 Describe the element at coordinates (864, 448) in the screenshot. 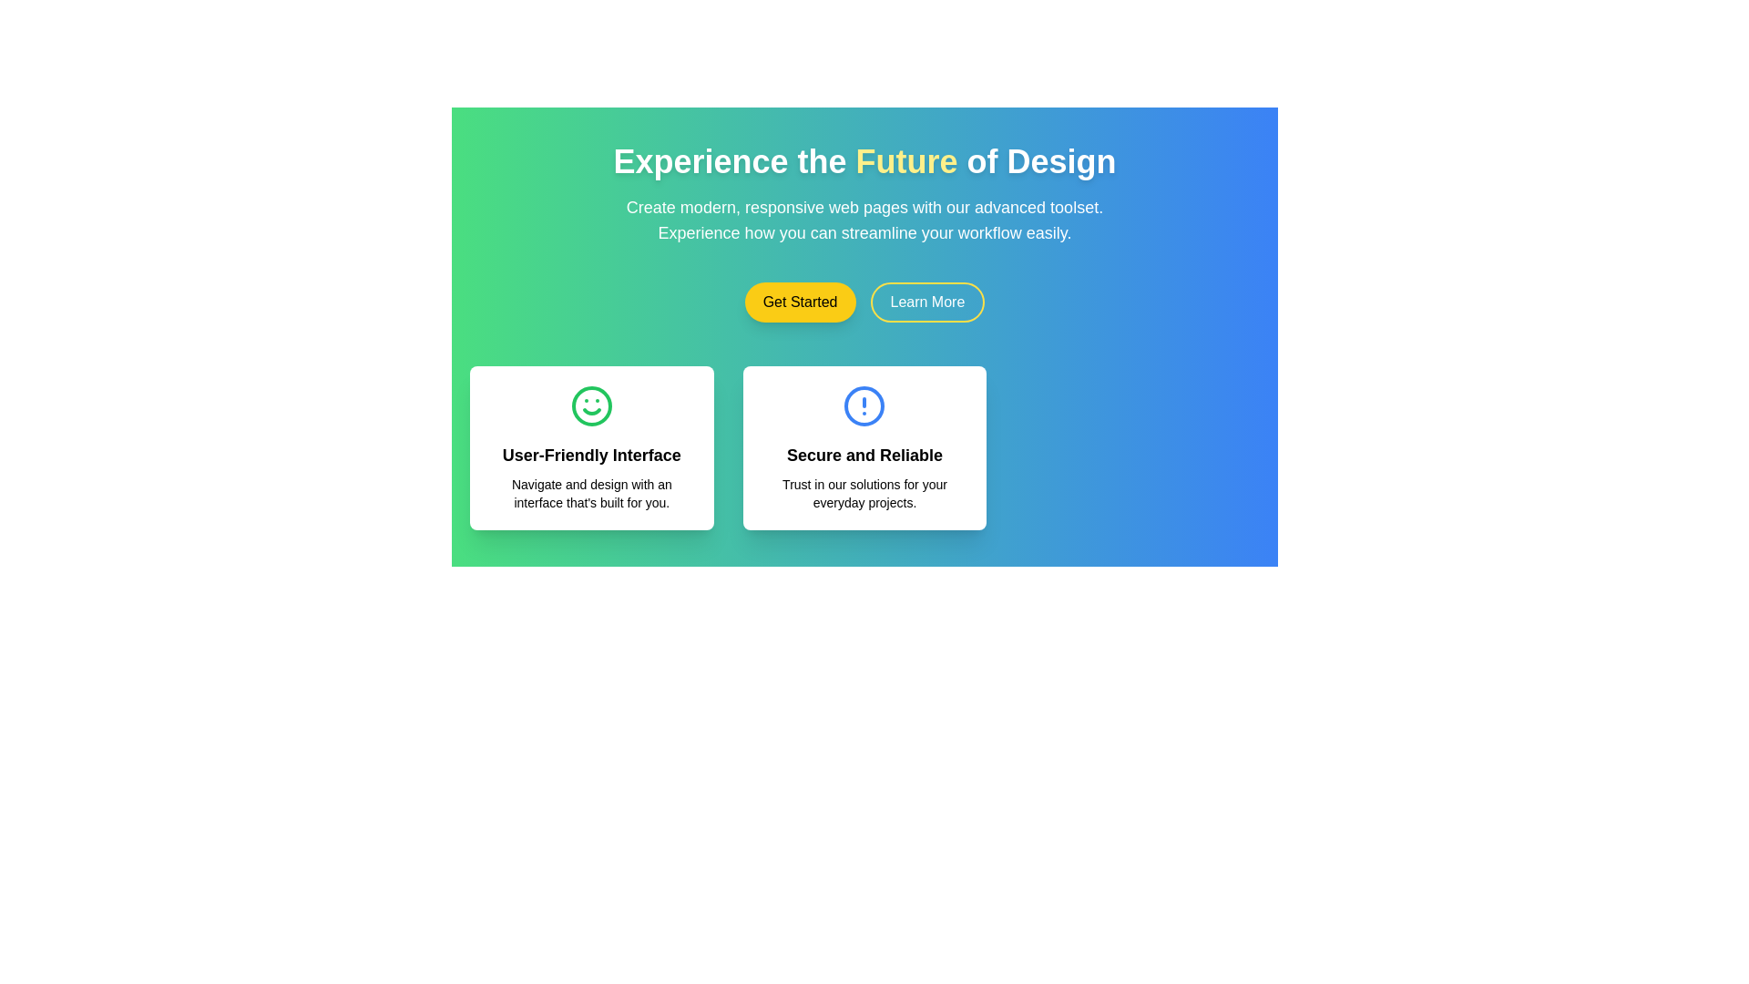

I see `the Informative Card with the title 'Secure and Reliable', which is the second card in a row of three, featuring a blue circular icon with an exclamation mark and a white background` at that location.